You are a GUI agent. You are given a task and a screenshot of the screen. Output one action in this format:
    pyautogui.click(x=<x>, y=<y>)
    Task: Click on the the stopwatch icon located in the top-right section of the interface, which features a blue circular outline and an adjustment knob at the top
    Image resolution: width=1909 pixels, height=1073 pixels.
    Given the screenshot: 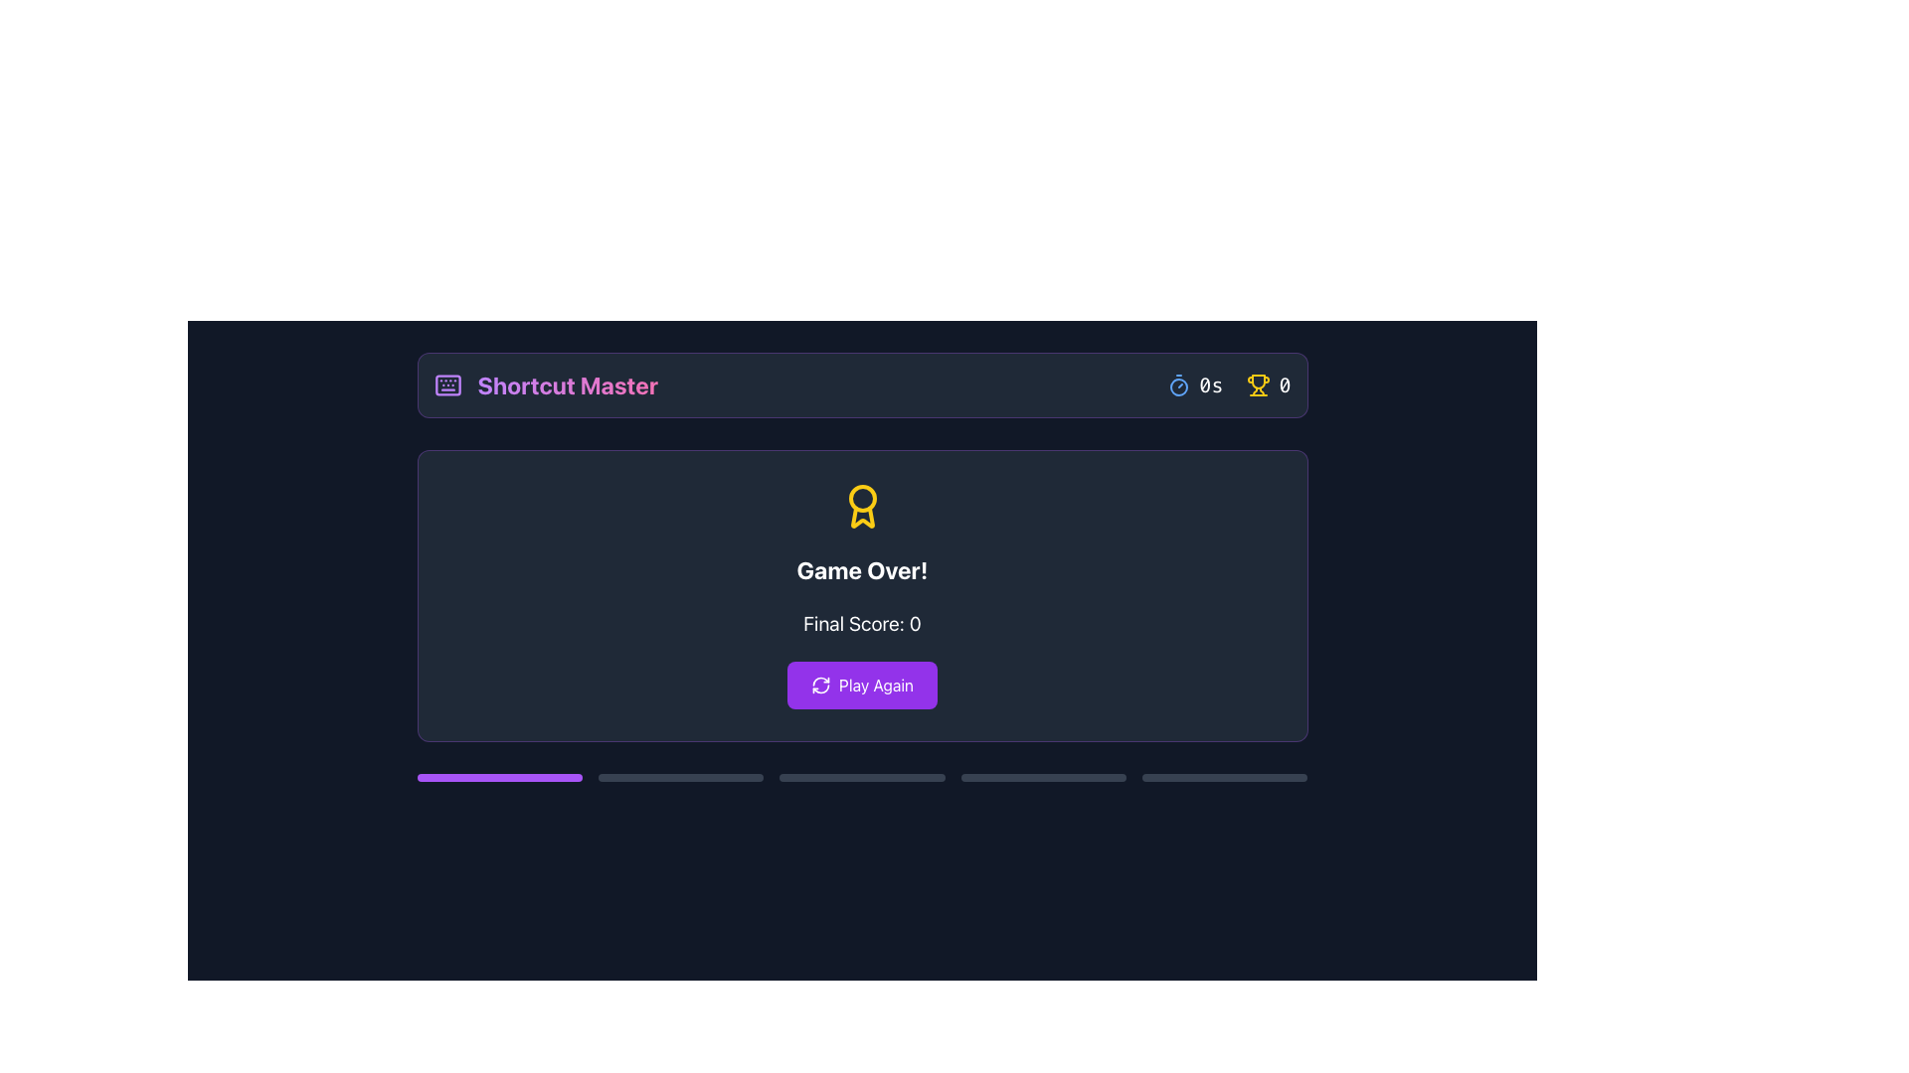 What is the action you would take?
    pyautogui.click(x=1179, y=385)
    